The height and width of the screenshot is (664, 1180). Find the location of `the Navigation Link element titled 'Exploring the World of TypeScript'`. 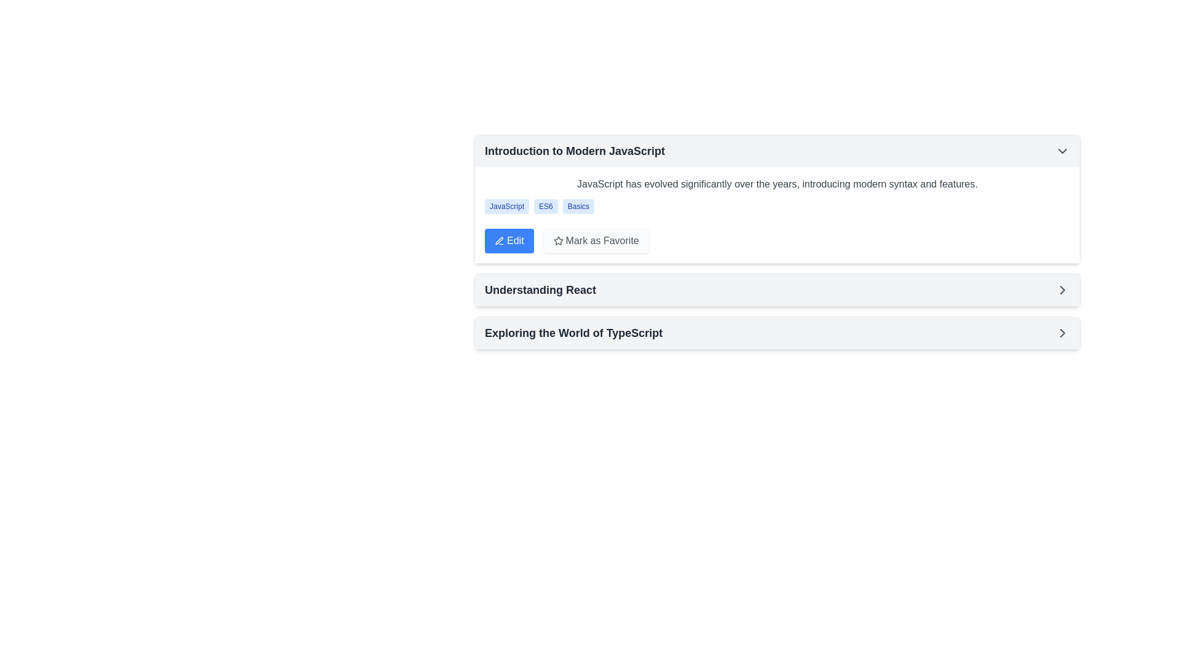

the Navigation Link element titled 'Exploring the World of TypeScript' is located at coordinates (777, 333).